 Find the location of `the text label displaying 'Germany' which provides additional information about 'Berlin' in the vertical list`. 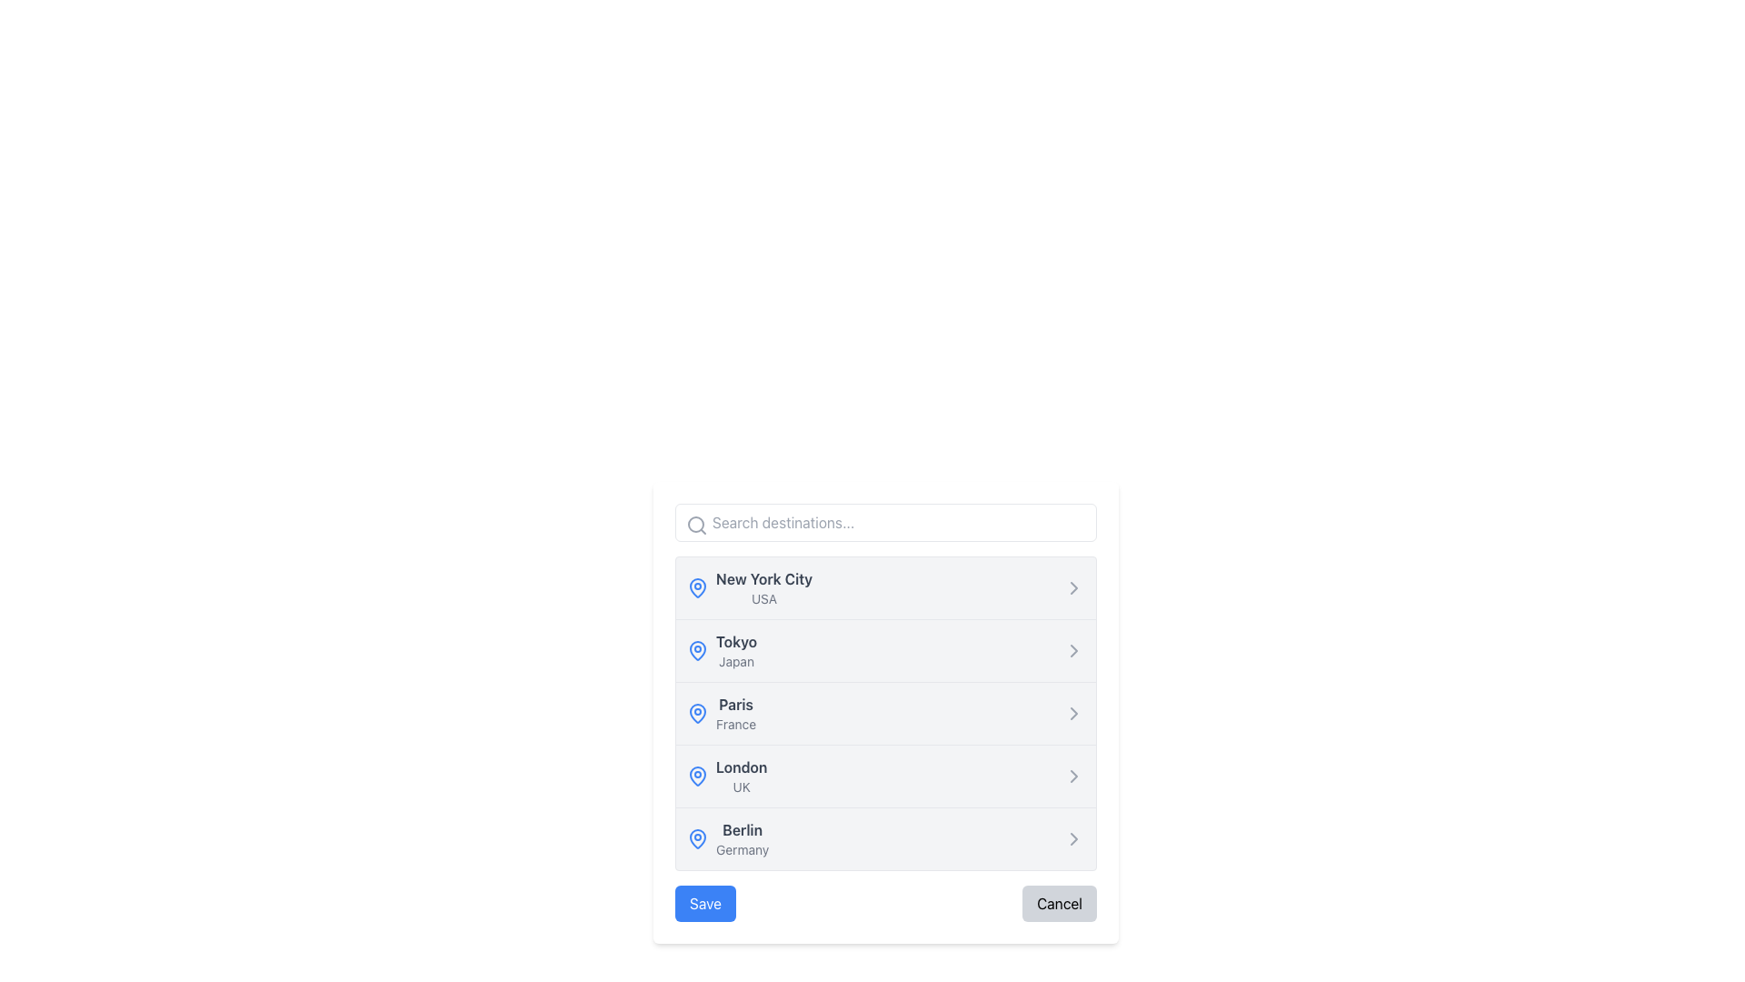

the text label displaying 'Germany' which provides additional information about 'Berlin' in the vertical list is located at coordinates (743, 849).